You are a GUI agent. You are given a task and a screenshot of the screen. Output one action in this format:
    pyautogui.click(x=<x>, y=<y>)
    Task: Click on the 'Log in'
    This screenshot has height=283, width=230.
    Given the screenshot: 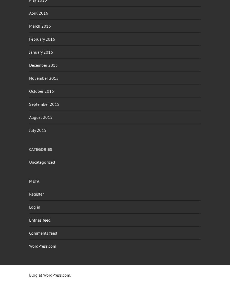 What is the action you would take?
    pyautogui.click(x=29, y=206)
    